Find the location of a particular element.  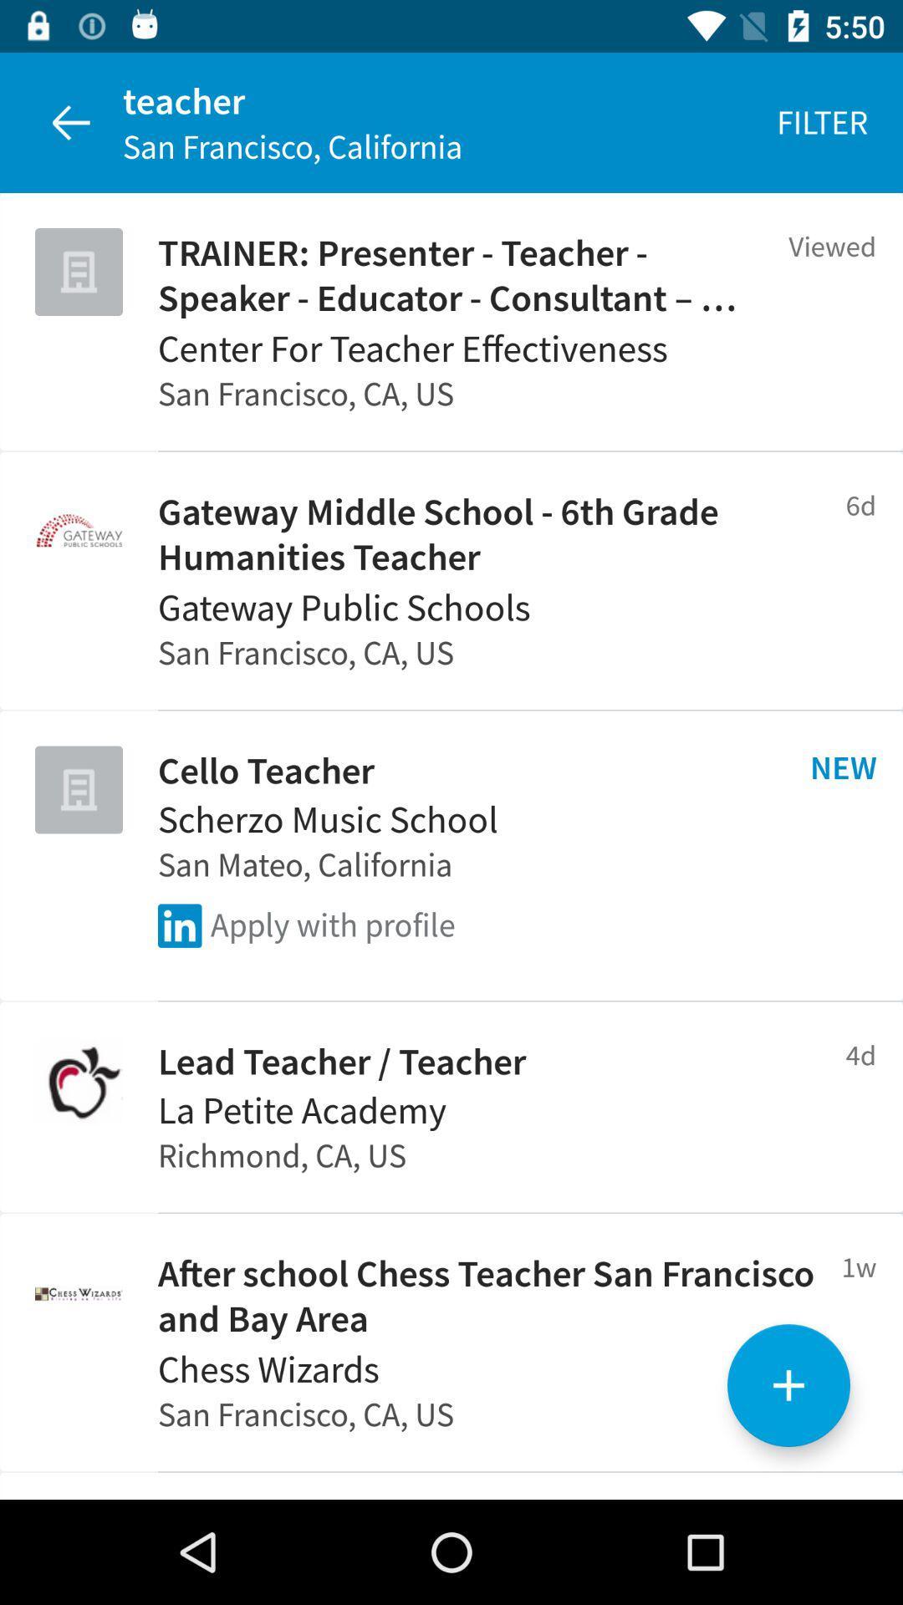

the logo on the bottom left corner of the web page is located at coordinates (79, 1292).